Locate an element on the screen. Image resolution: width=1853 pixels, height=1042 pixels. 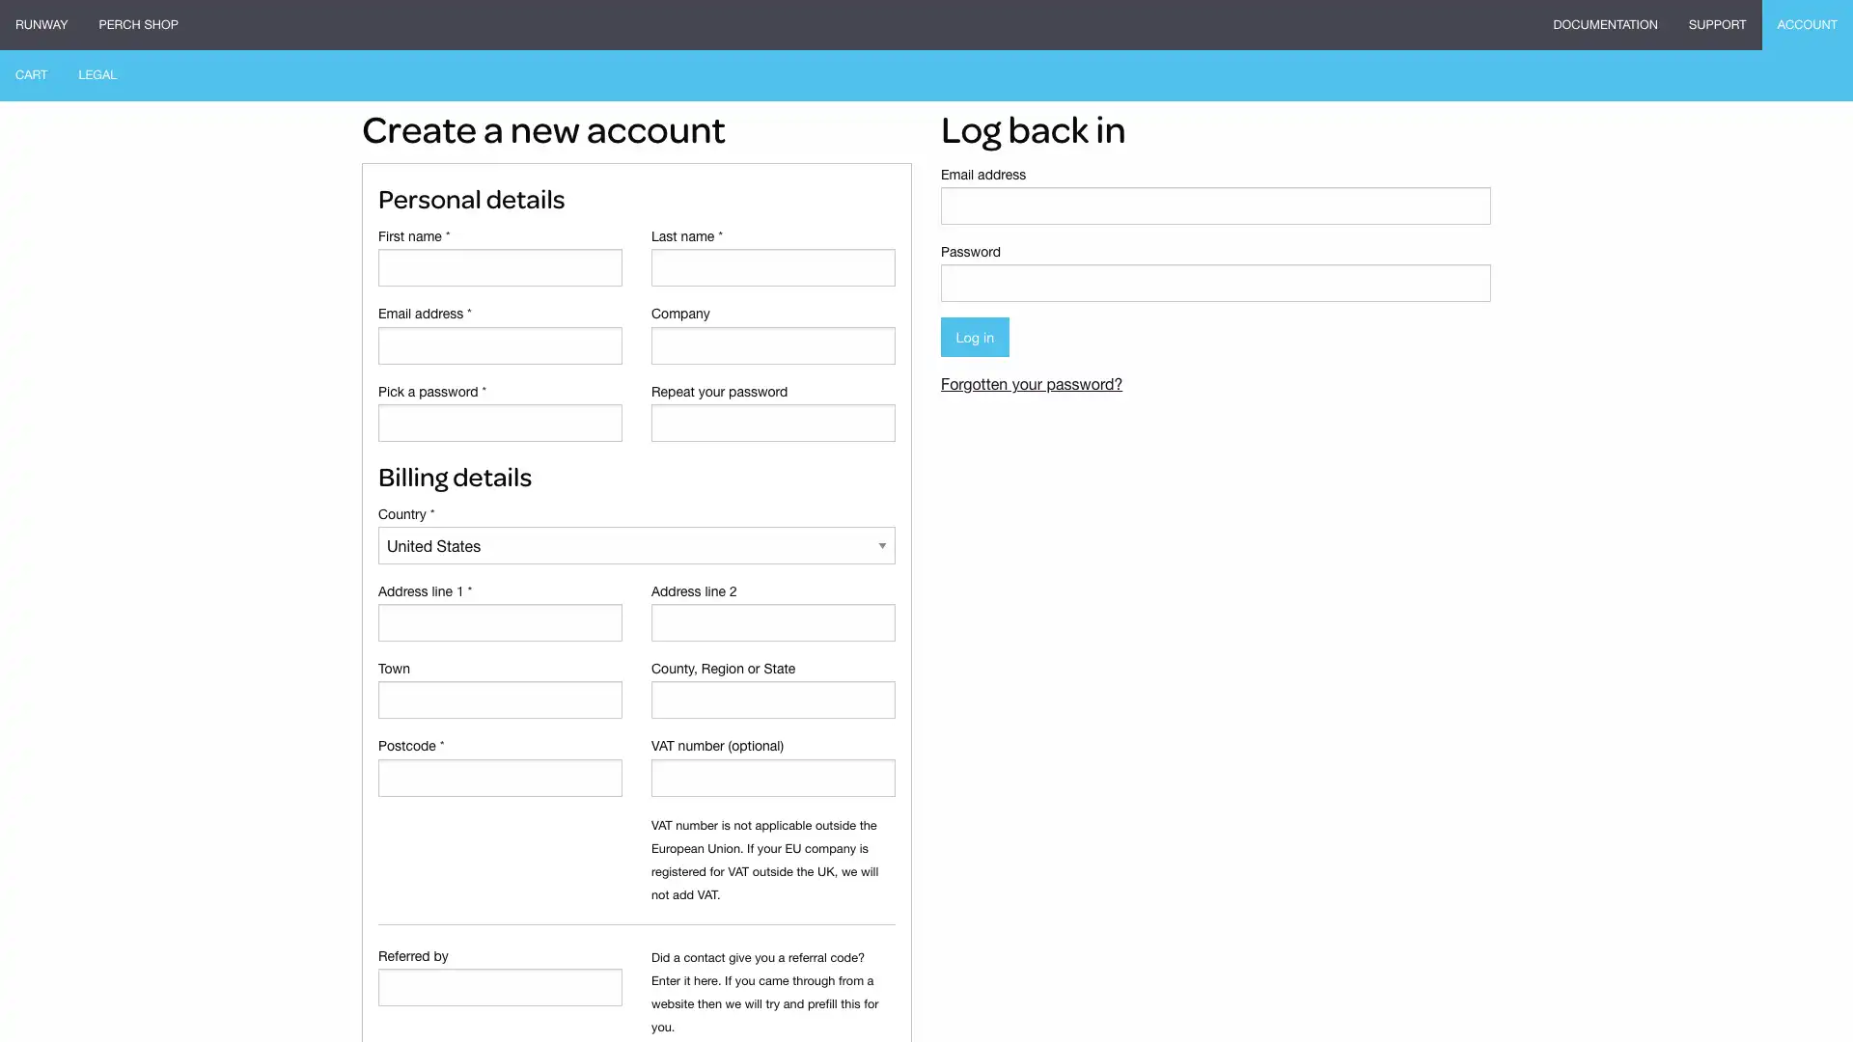
Log in is located at coordinates (974, 336).